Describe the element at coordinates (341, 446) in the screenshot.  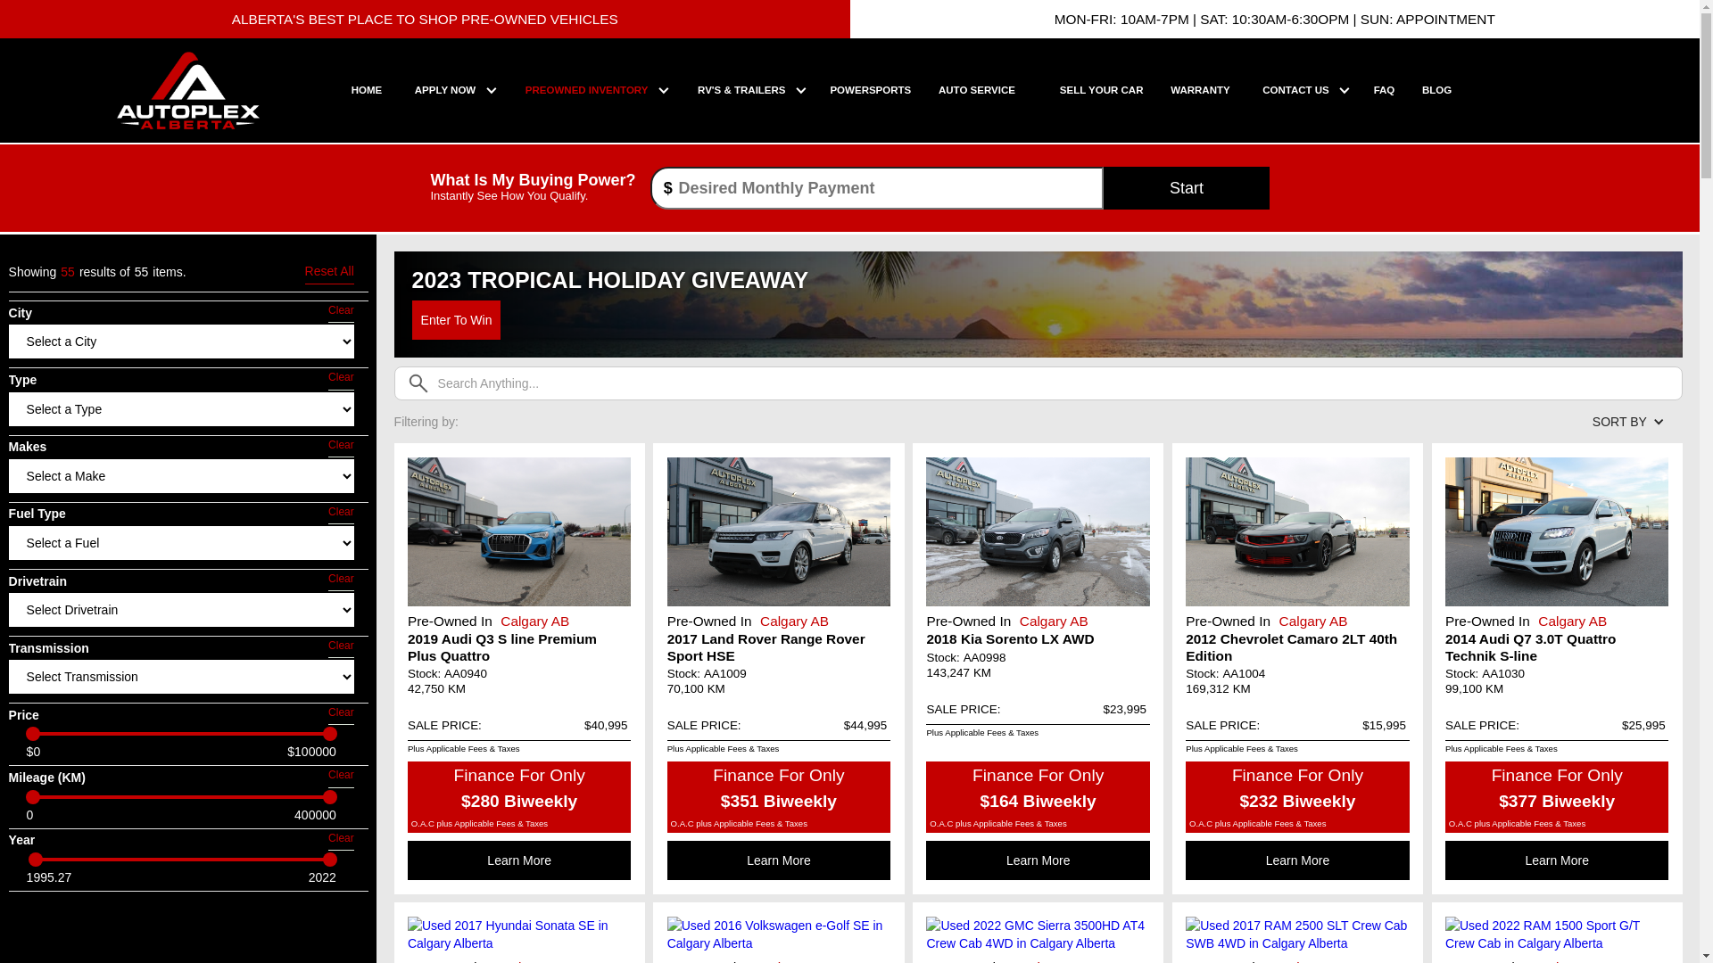
I see `'Clear'` at that location.